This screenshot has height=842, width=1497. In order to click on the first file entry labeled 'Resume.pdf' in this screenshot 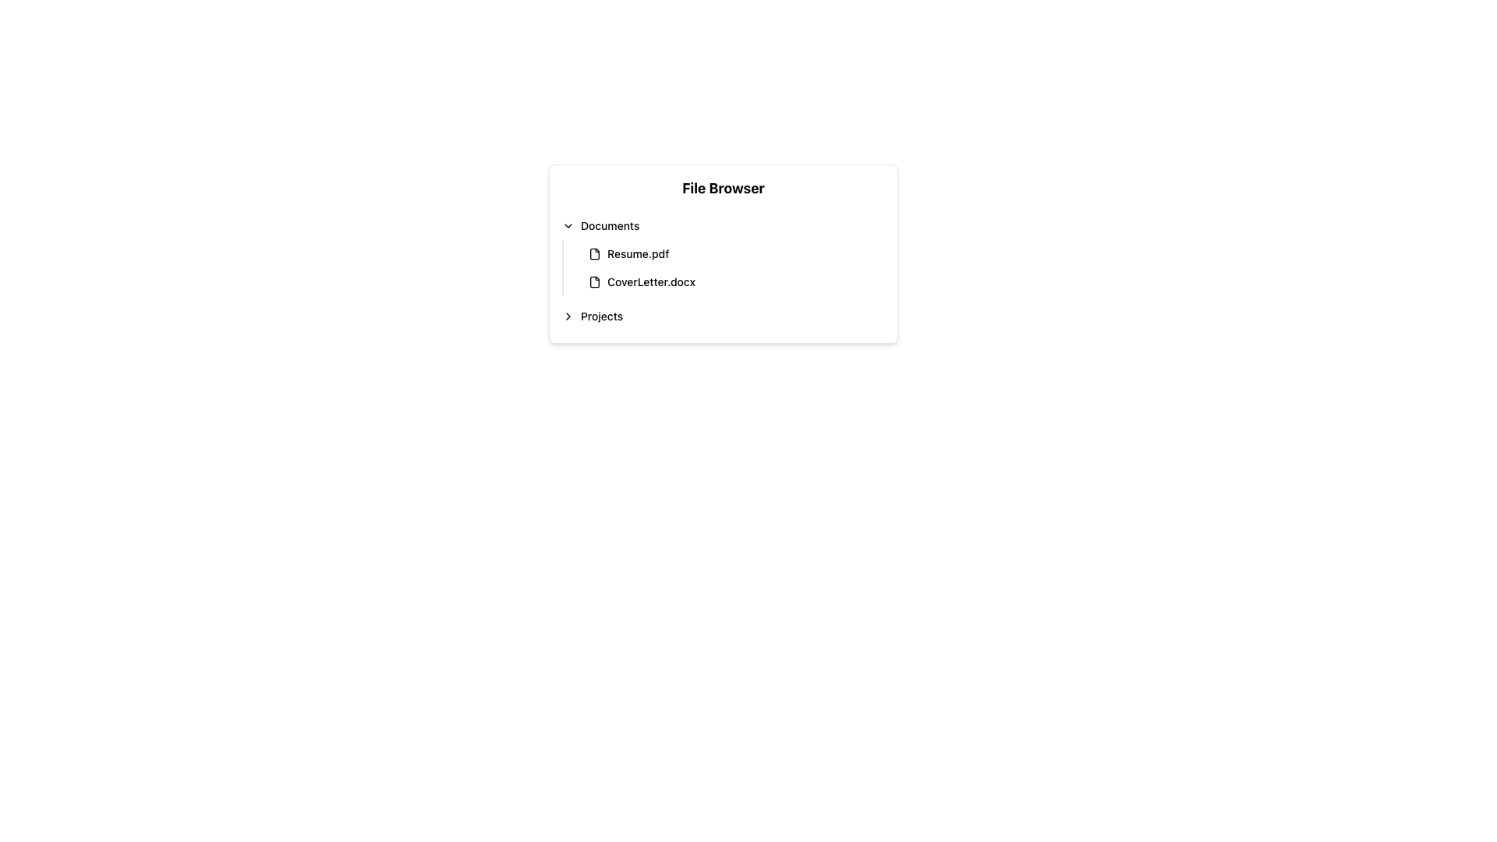, I will do `click(729, 253)`.